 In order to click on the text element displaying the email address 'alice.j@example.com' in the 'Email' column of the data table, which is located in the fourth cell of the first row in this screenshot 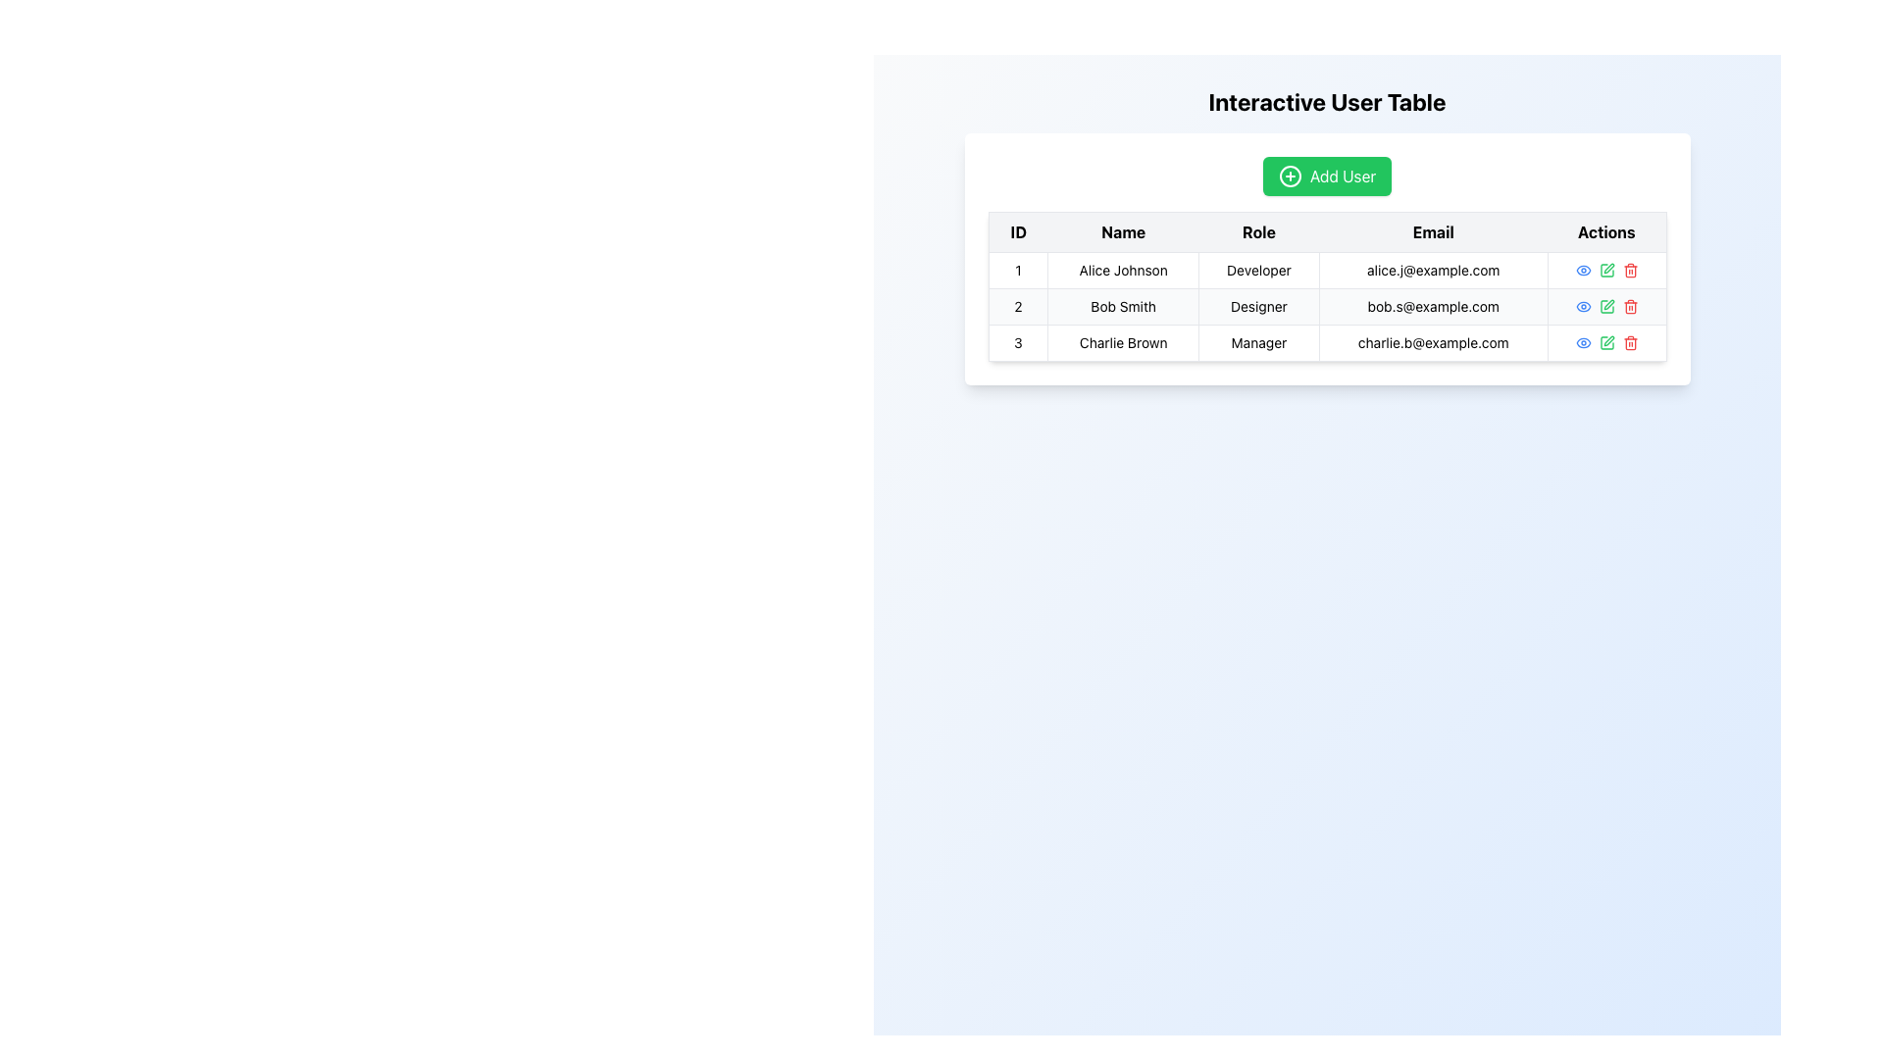, I will do `click(1433, 271)`.